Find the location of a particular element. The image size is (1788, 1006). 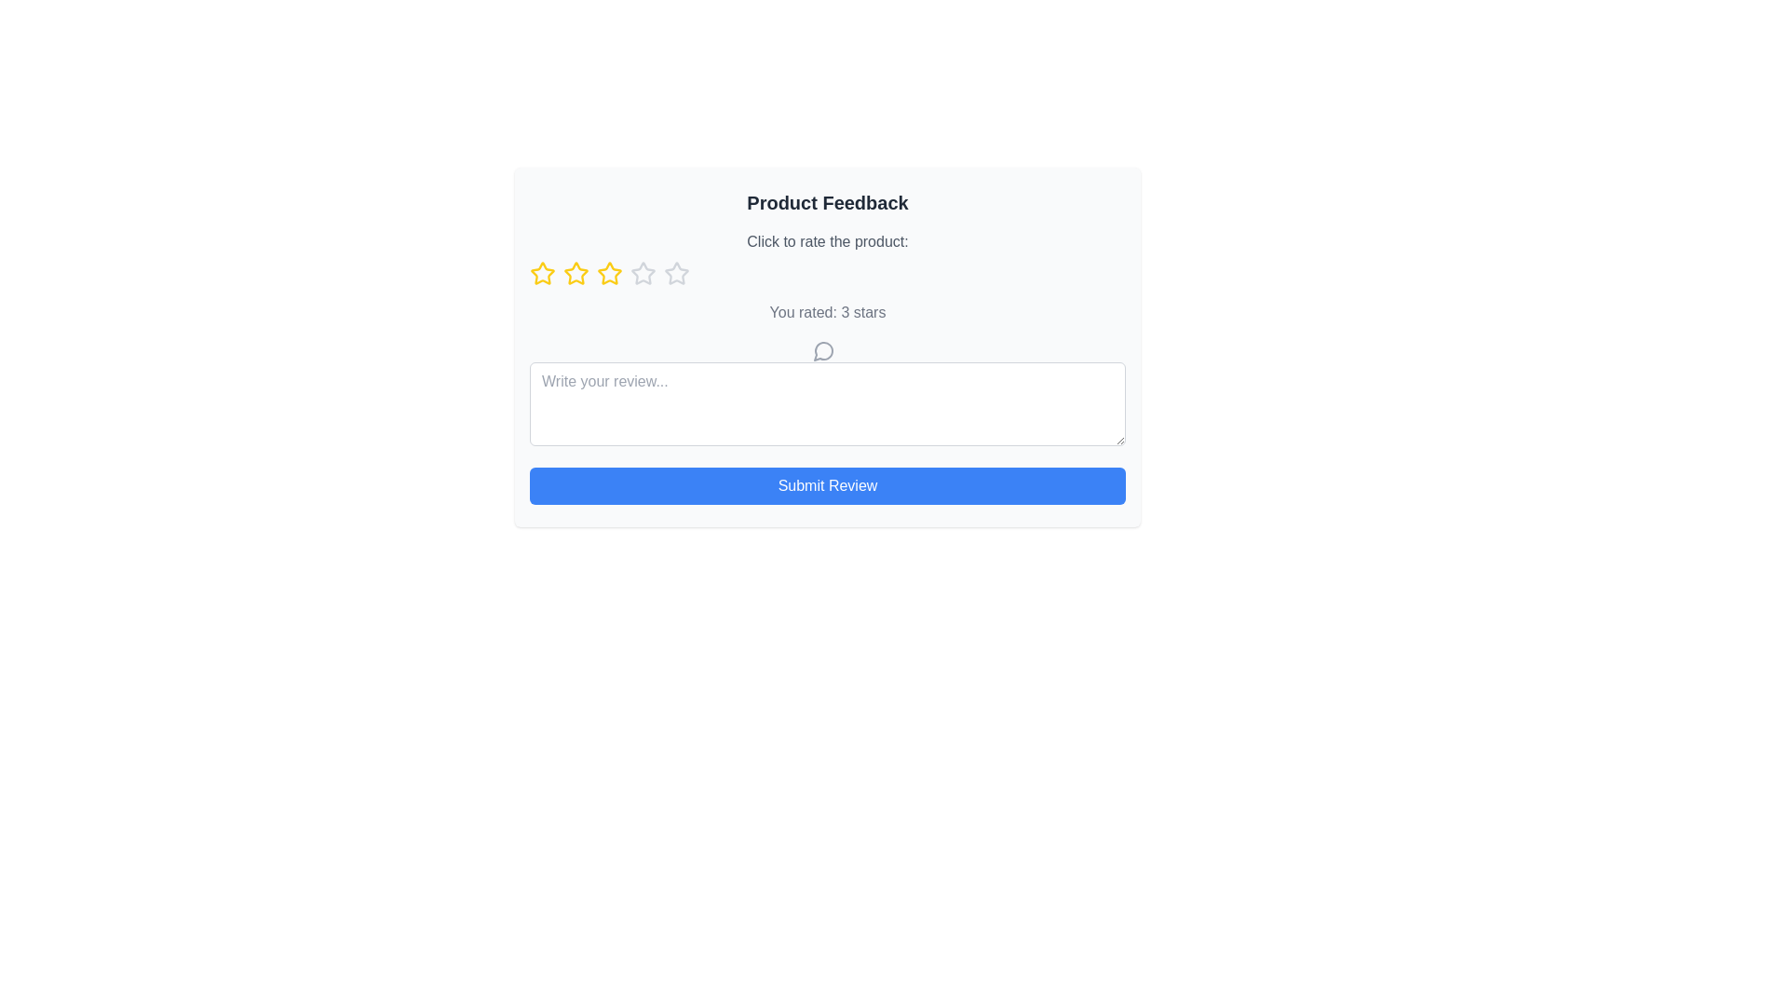

the third star in the five-star rating system on the product feedback form is located at coordinates (609, 273).